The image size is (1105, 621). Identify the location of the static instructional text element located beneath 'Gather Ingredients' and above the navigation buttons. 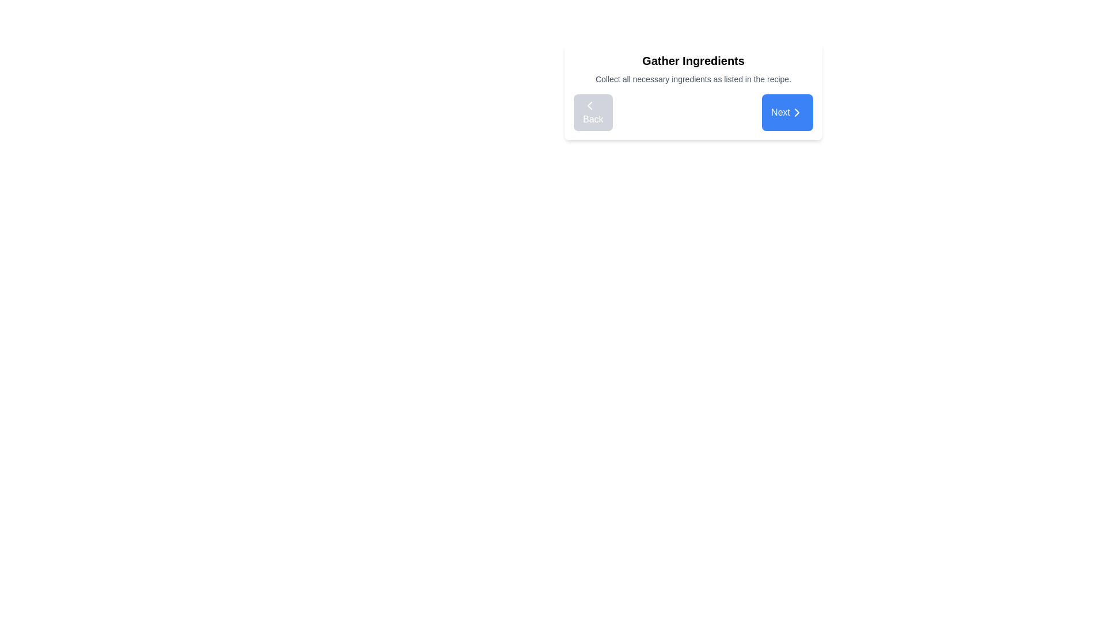
(692, 79).